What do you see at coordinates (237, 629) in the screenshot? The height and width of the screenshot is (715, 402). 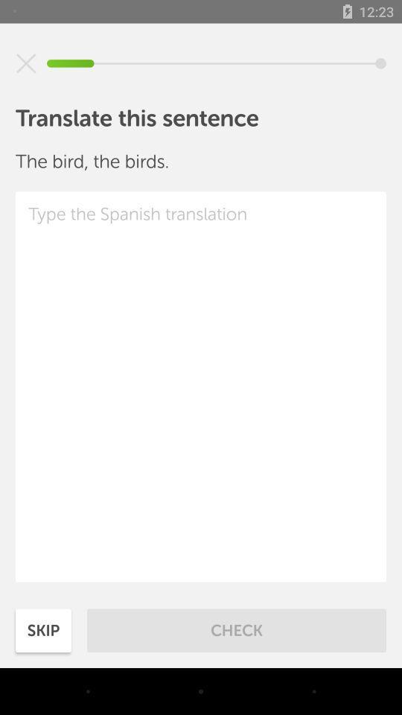 I see `item next to skip item` at bounding box center [237, 629].